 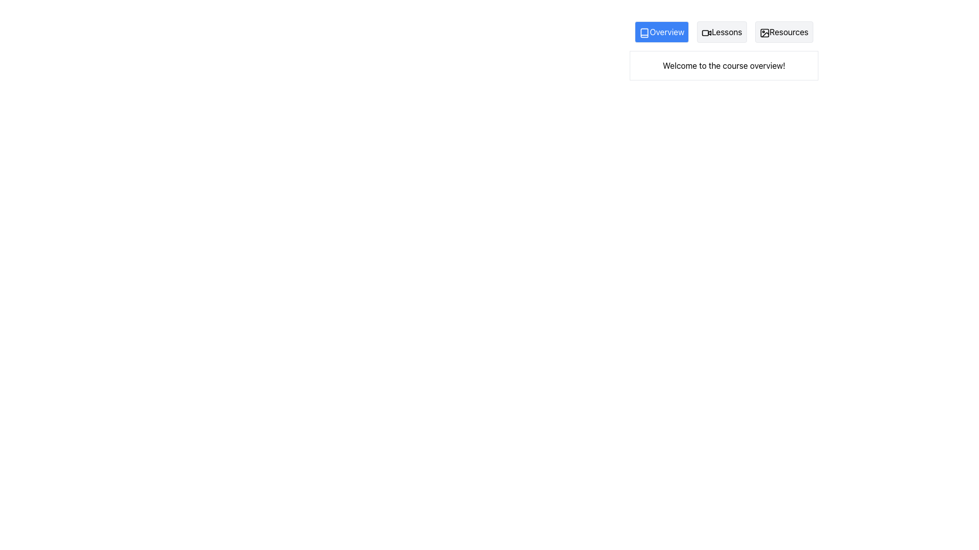 What do you see at coordinates (661, 31) in the screenshot?
I see `the first button labeled 'Overview' with a blue background and white text, located at the upper-right area of the interface` at bounding box center [661, 31].